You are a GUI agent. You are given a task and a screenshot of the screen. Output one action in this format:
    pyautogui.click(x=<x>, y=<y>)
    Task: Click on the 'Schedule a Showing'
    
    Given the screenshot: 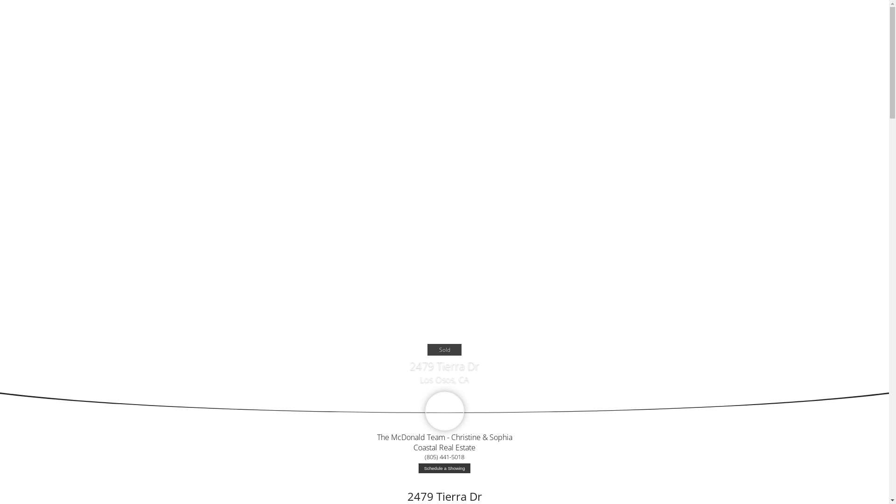 What is the action you would take?
    pyautogui.click(x=444, y=468)
    